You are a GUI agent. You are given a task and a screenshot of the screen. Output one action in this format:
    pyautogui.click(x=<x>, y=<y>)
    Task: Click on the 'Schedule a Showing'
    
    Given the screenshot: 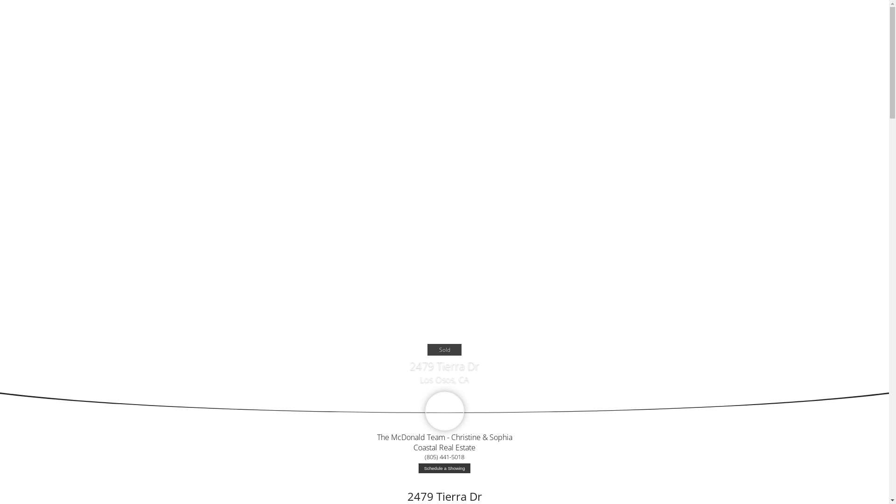 What is the action you would take?
    pyautogui.click(x=444, y=468)
    